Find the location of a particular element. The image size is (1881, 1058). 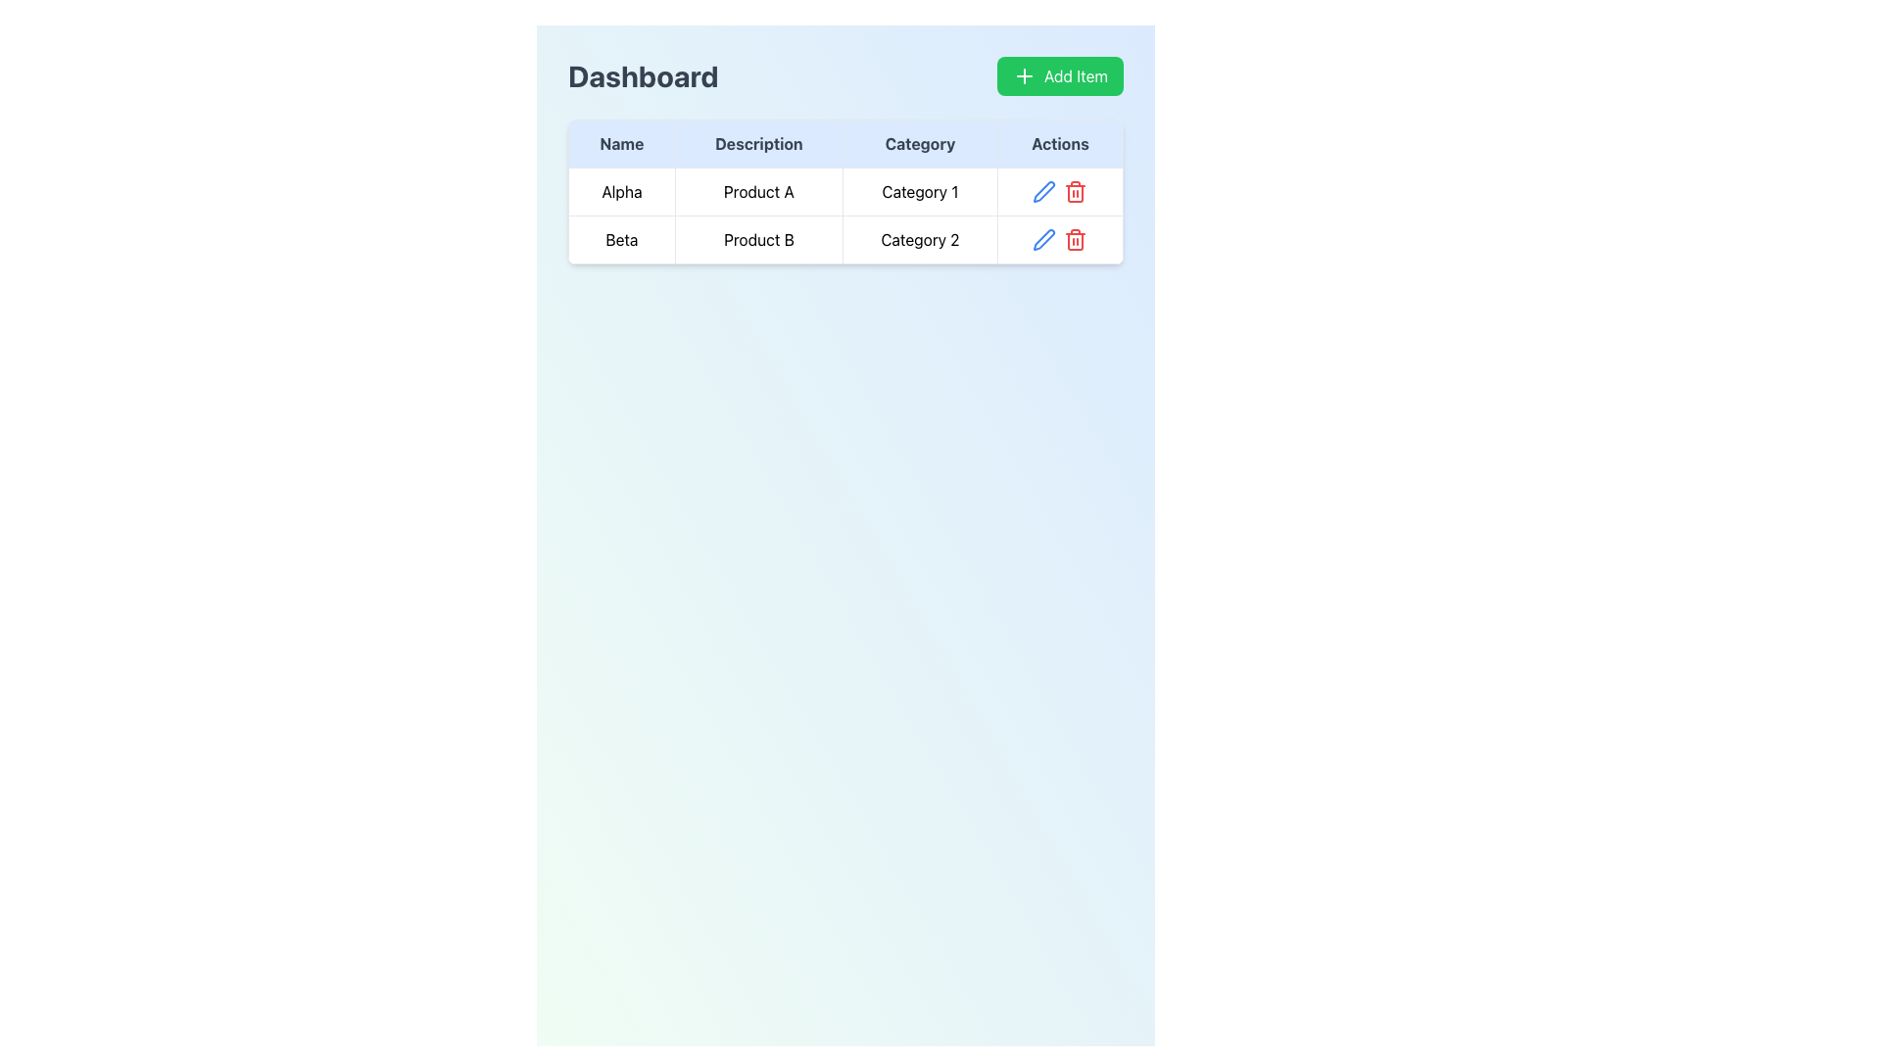

the delete icon located in the second row of the 'Actions' column is located at coordinates (1075, 239).